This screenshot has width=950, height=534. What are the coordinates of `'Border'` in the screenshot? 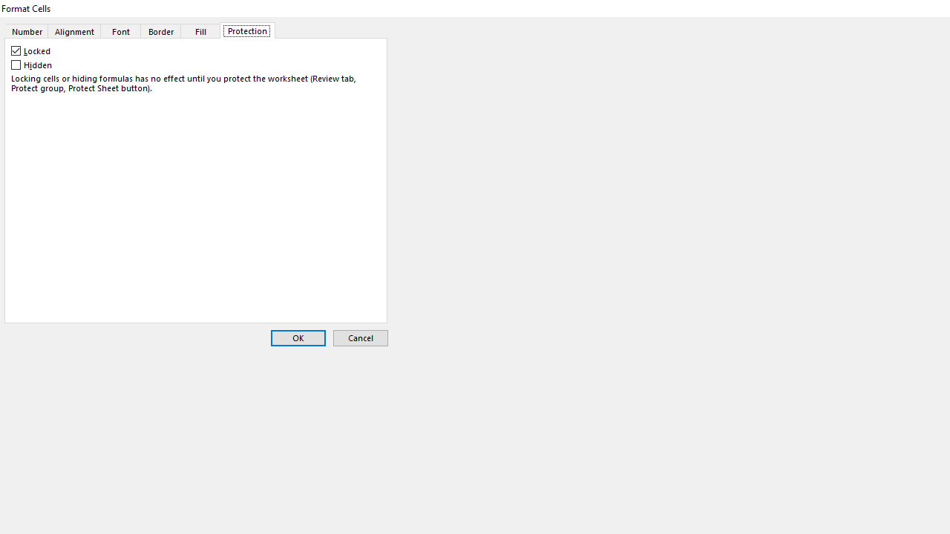 It's located at (160, 30).